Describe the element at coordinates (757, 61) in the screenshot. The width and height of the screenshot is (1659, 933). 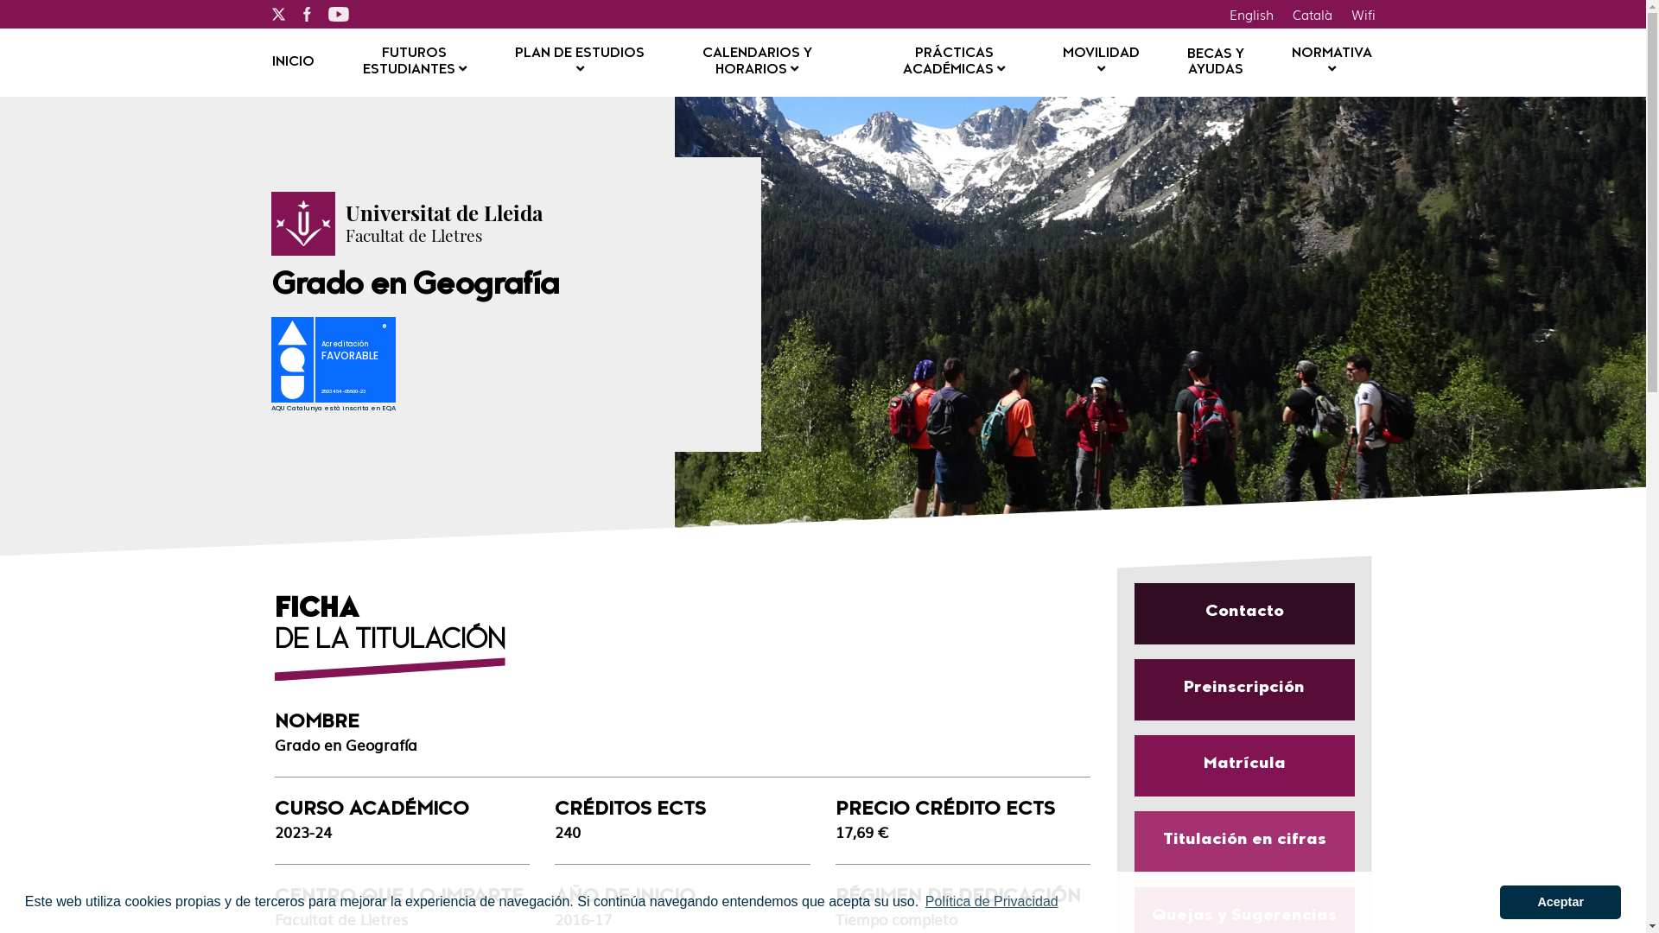
I see `'CALENDARIOS Y HORARIOS'` at that location.